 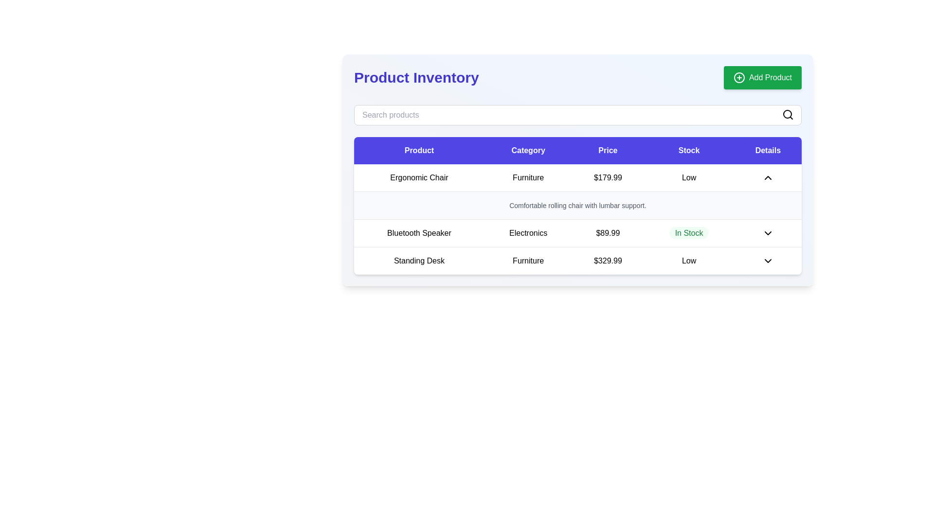 I want to click on the upward-pointing arrow icon in the 'Details' column of the first row in the product inventory table, so click(x=767, y=178).